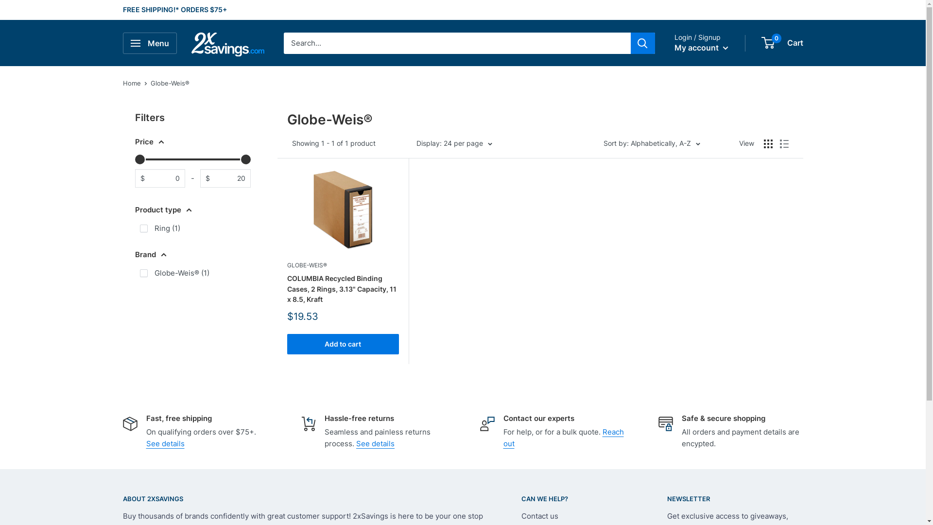  Describe the element at coordinates (576, 499) in the screenshot. I see `'CAN WE HELP?'` at that location.